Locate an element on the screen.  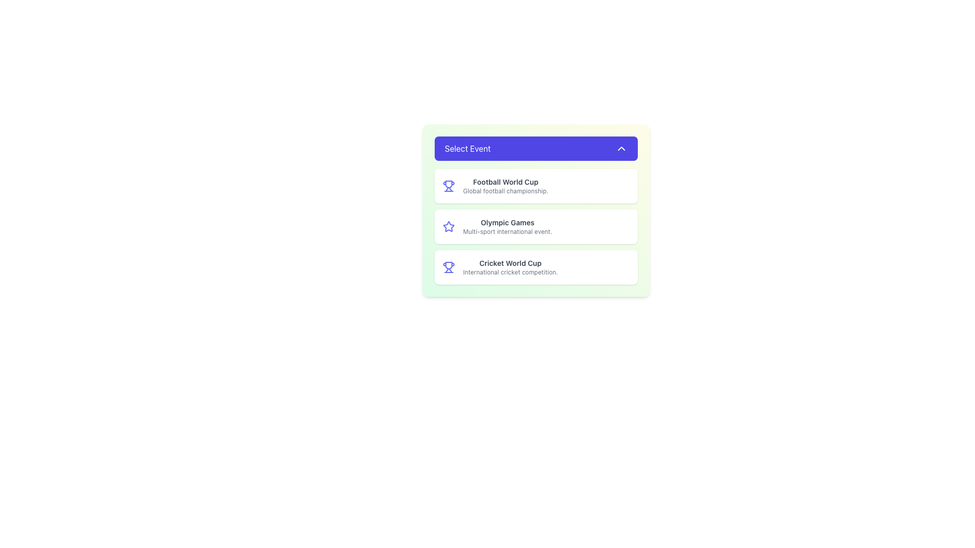
to select the 'Olympic Games' option in the list, which is the second item in a vertical list of selectable events is located at coordinates (536, 226).